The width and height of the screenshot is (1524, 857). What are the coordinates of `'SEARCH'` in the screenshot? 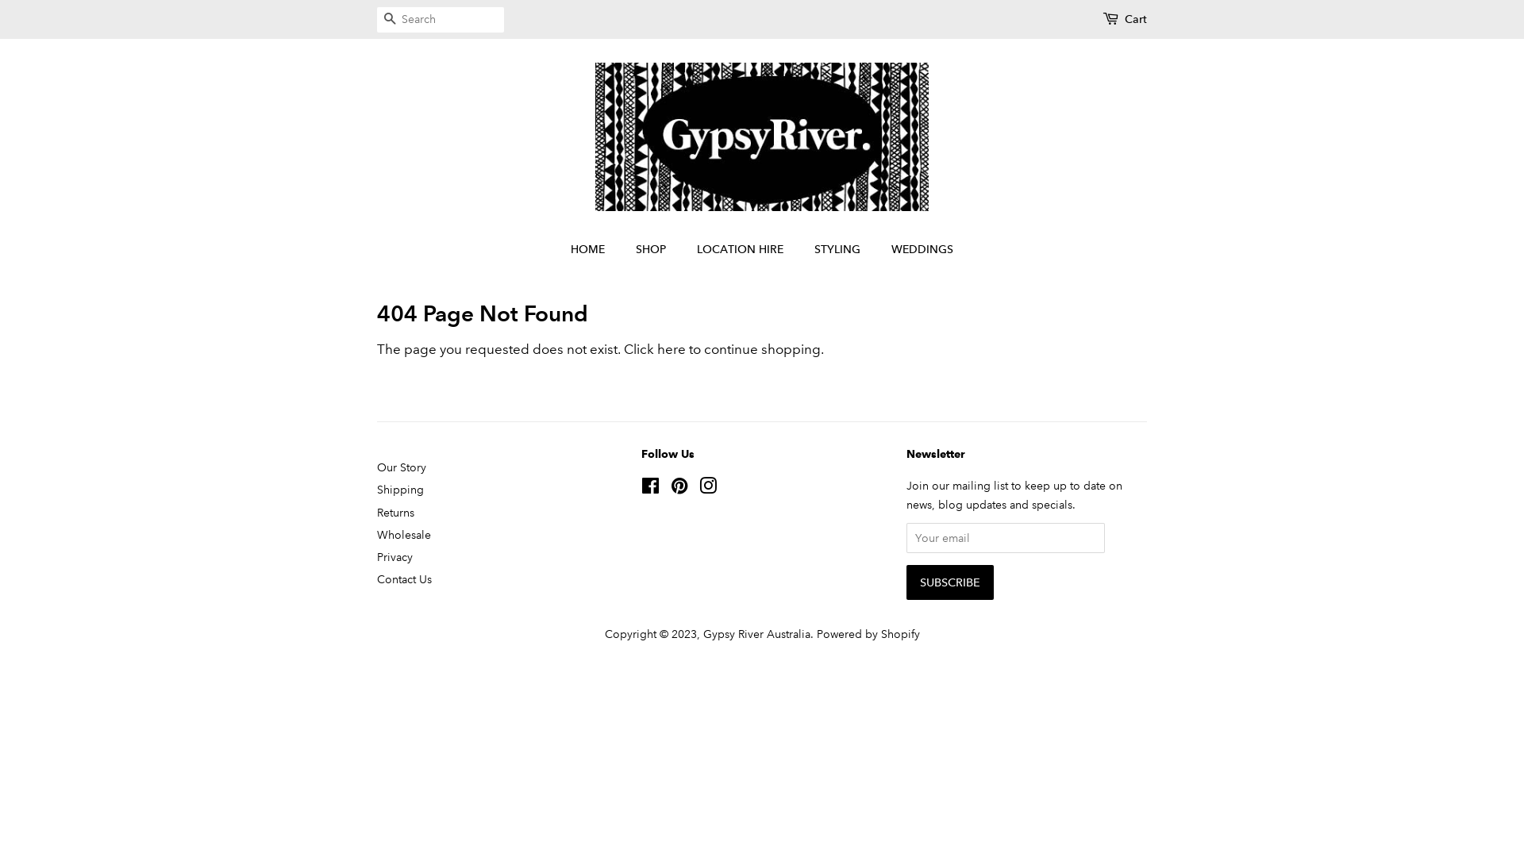 It's located at (389, 20).